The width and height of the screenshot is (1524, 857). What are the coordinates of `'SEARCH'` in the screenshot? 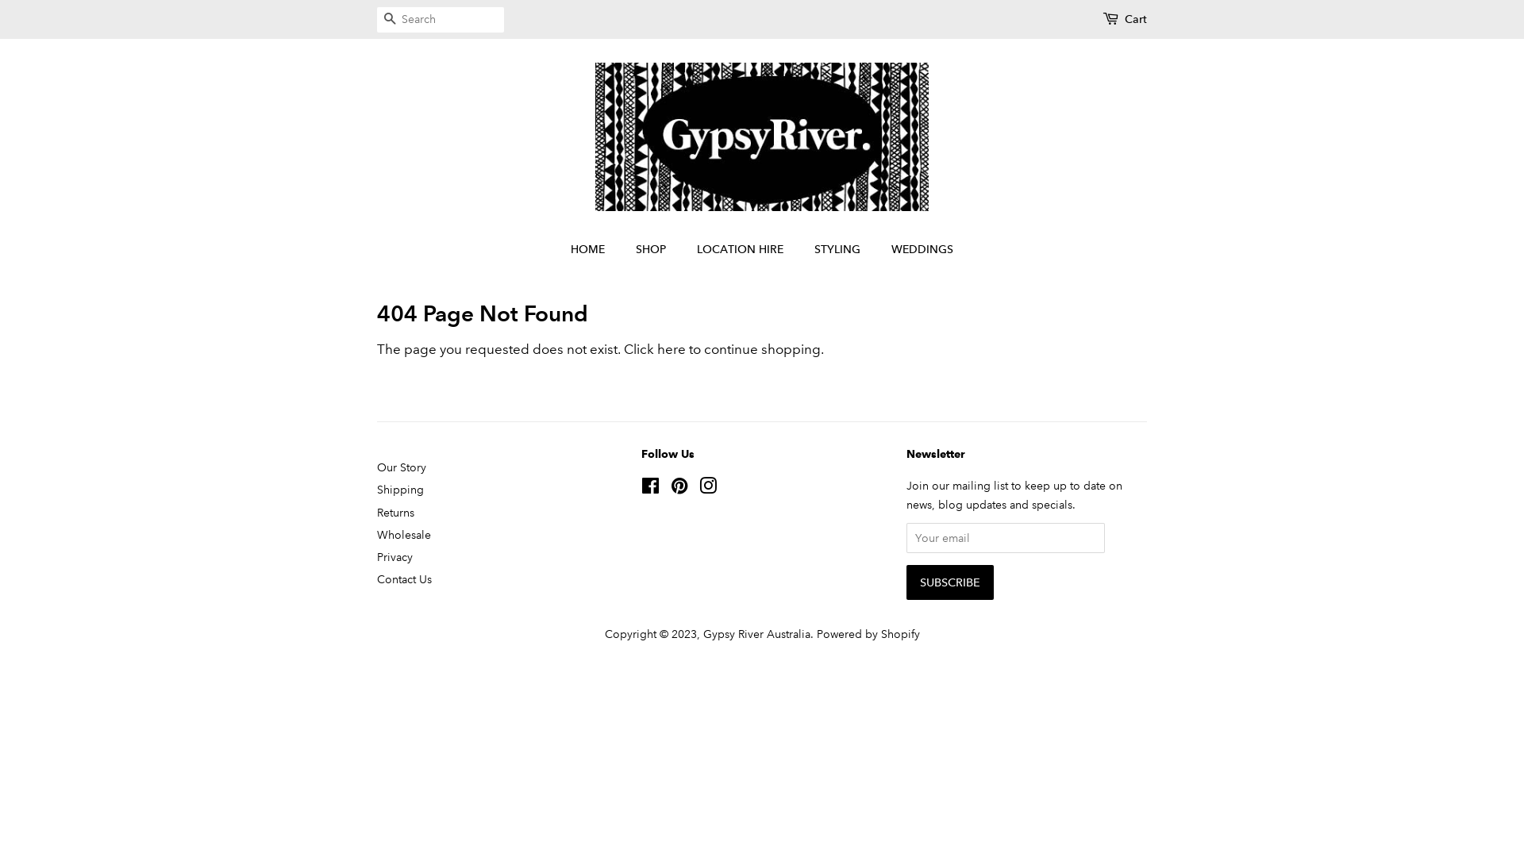 It's located at (389, 20).